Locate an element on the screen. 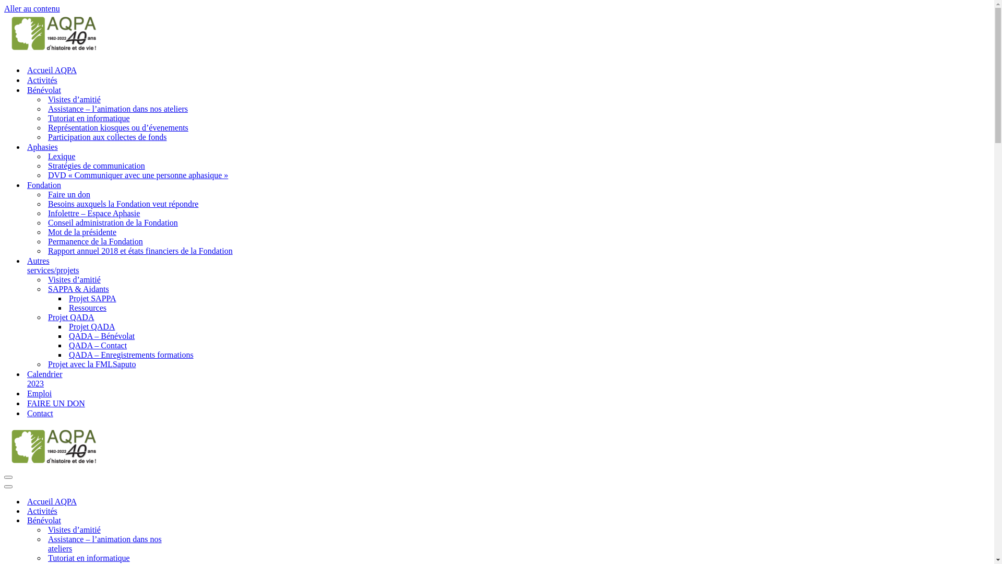 This screenshot has height=564, width=1002. 'Fondation' is located at coordinates (43, 184).